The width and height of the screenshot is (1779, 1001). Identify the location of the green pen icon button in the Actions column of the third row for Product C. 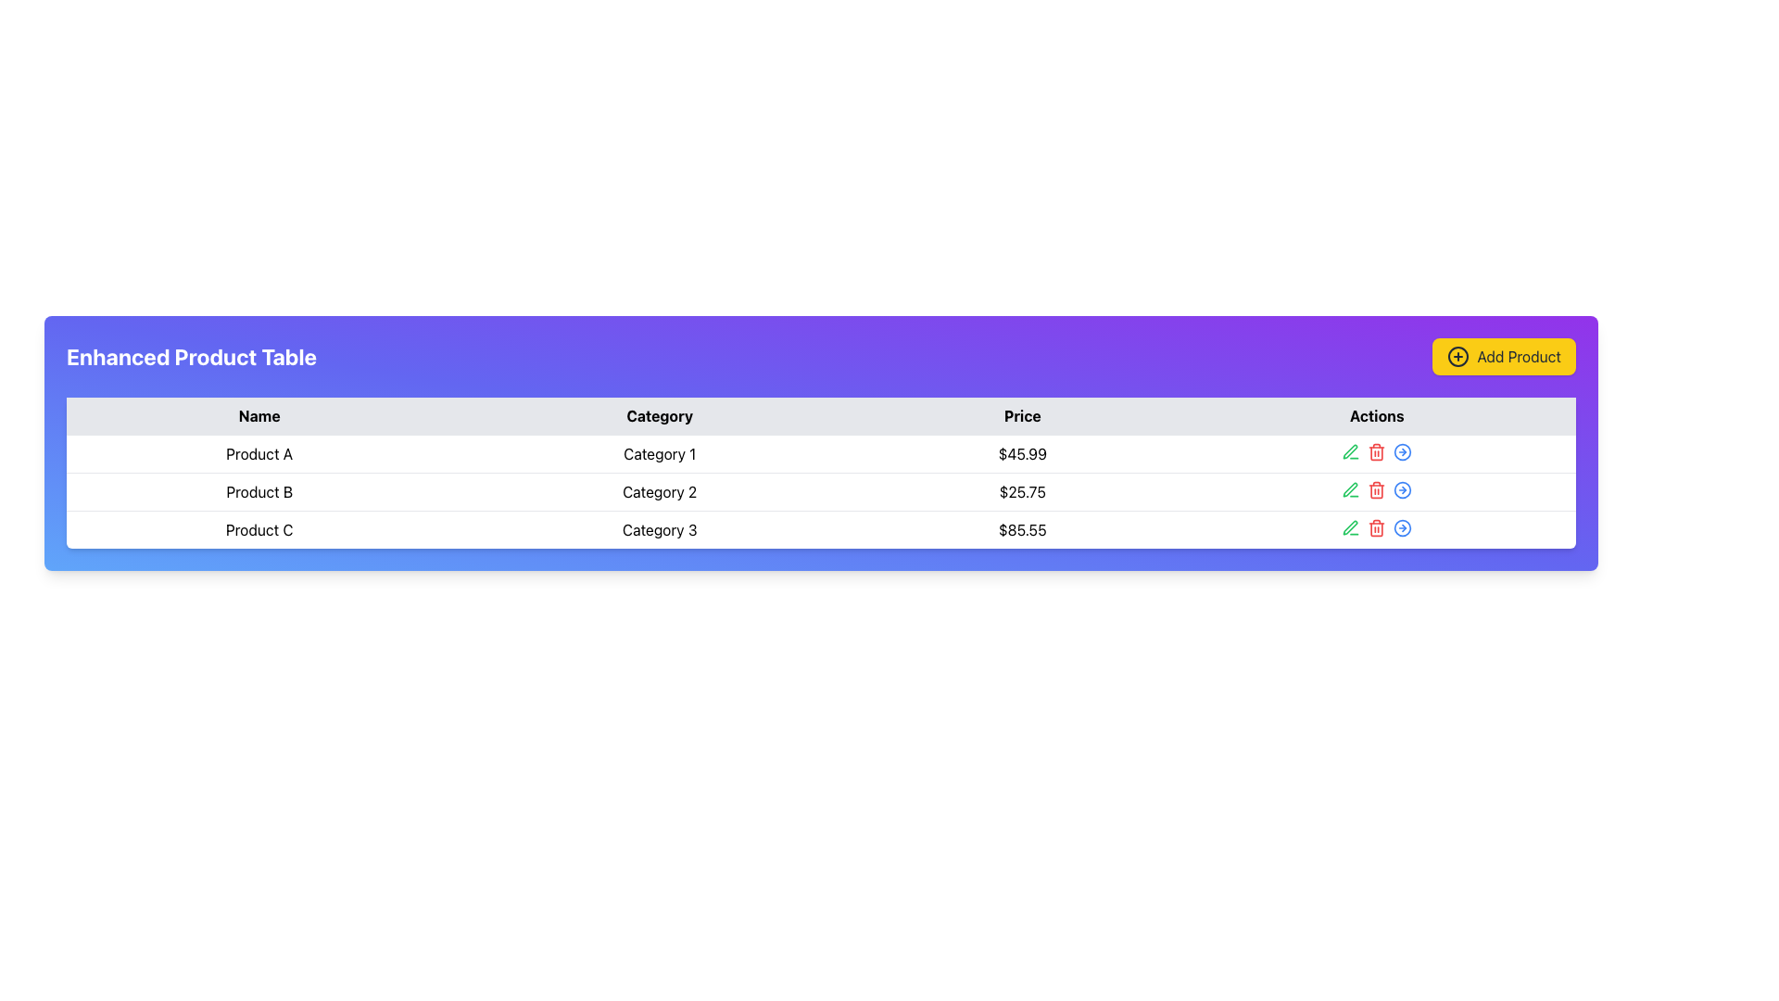
(1350, 451).